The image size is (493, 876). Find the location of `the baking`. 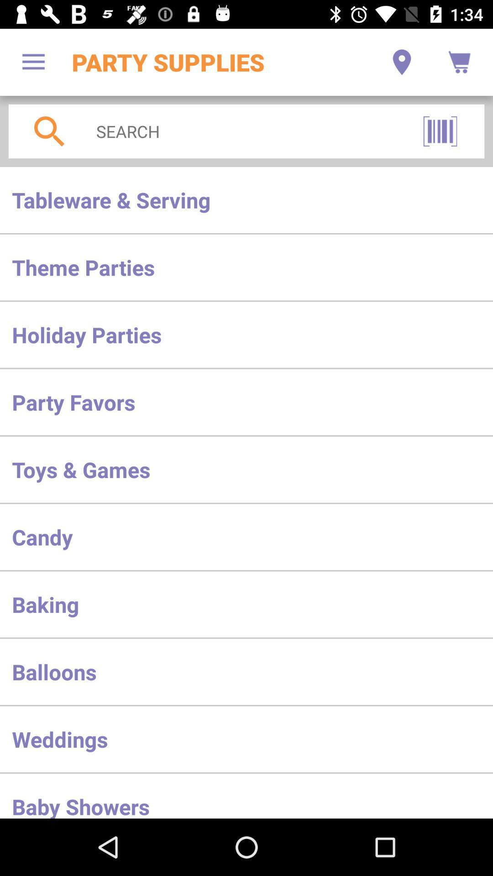

the baking is located at coordinates (246, 604).